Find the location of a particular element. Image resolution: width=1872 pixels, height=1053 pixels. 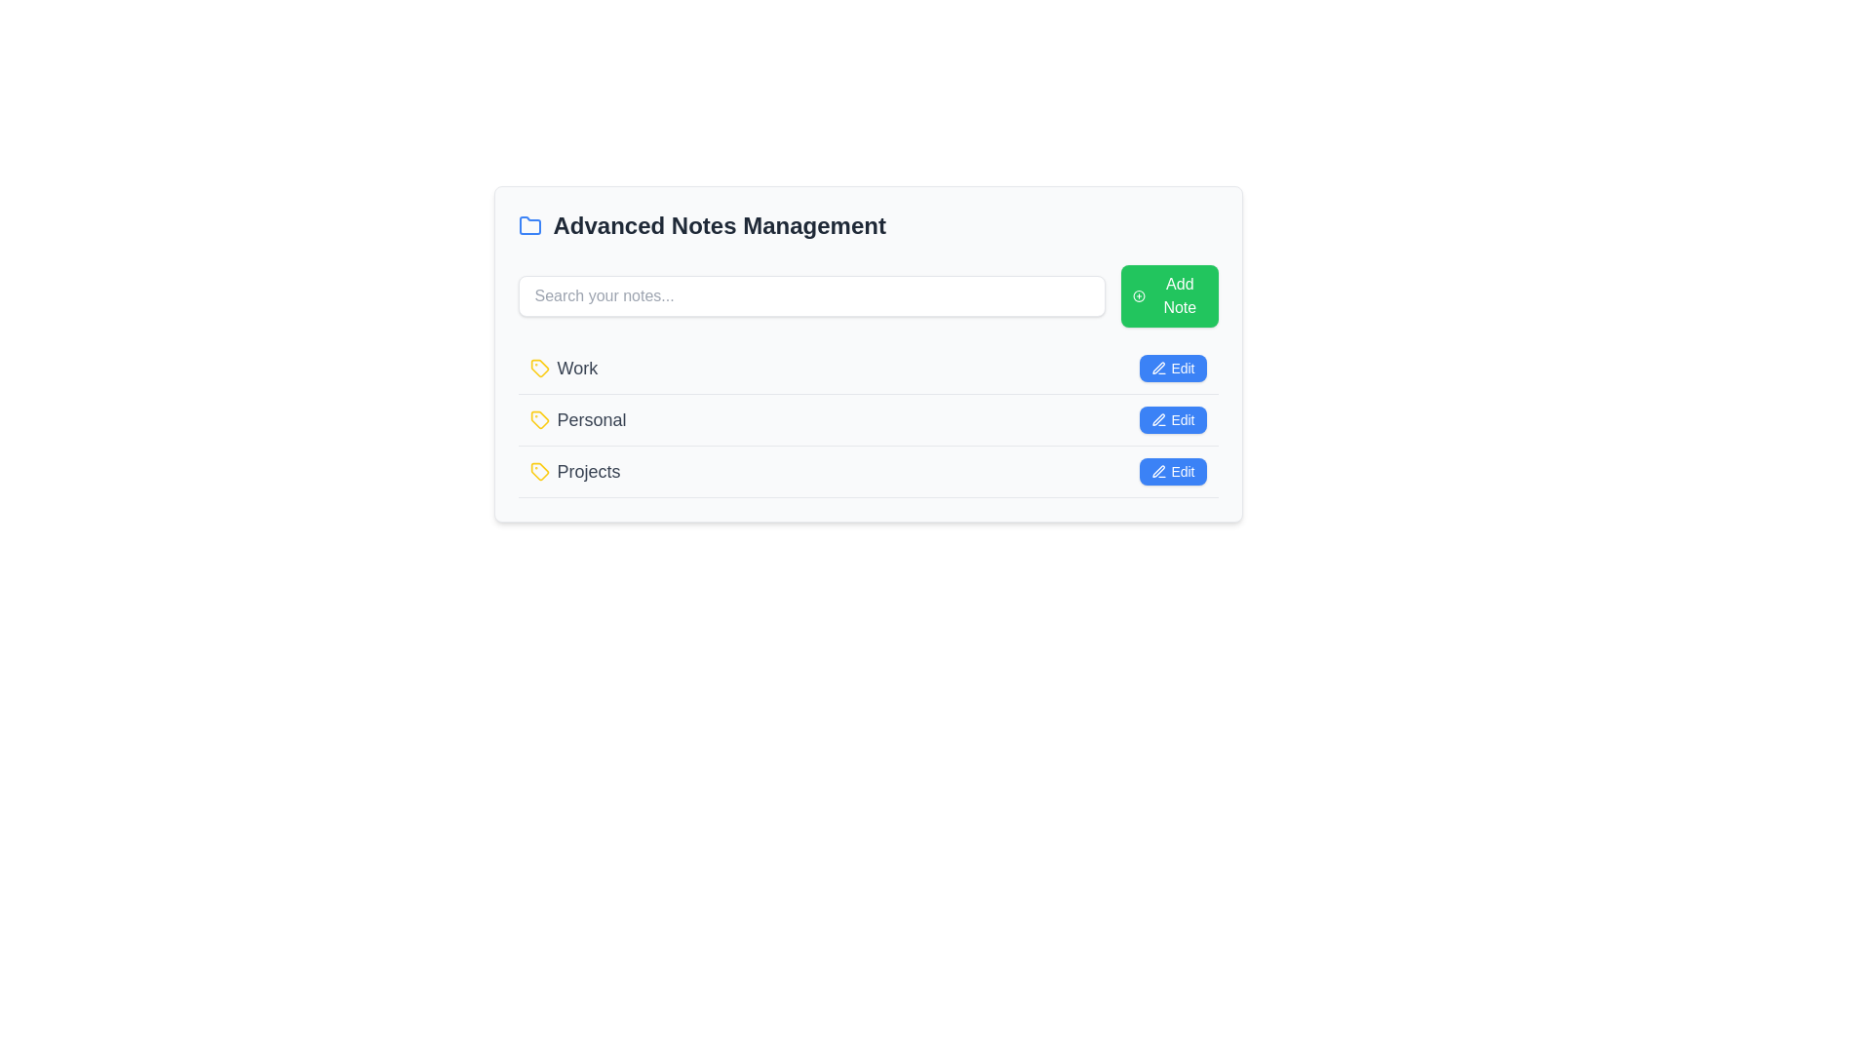

the yellow outlined tag icon located to the left of the 'Personal' text in the vertical list, between 'Work' and 'Projects' is located at coordinates (539, 419).